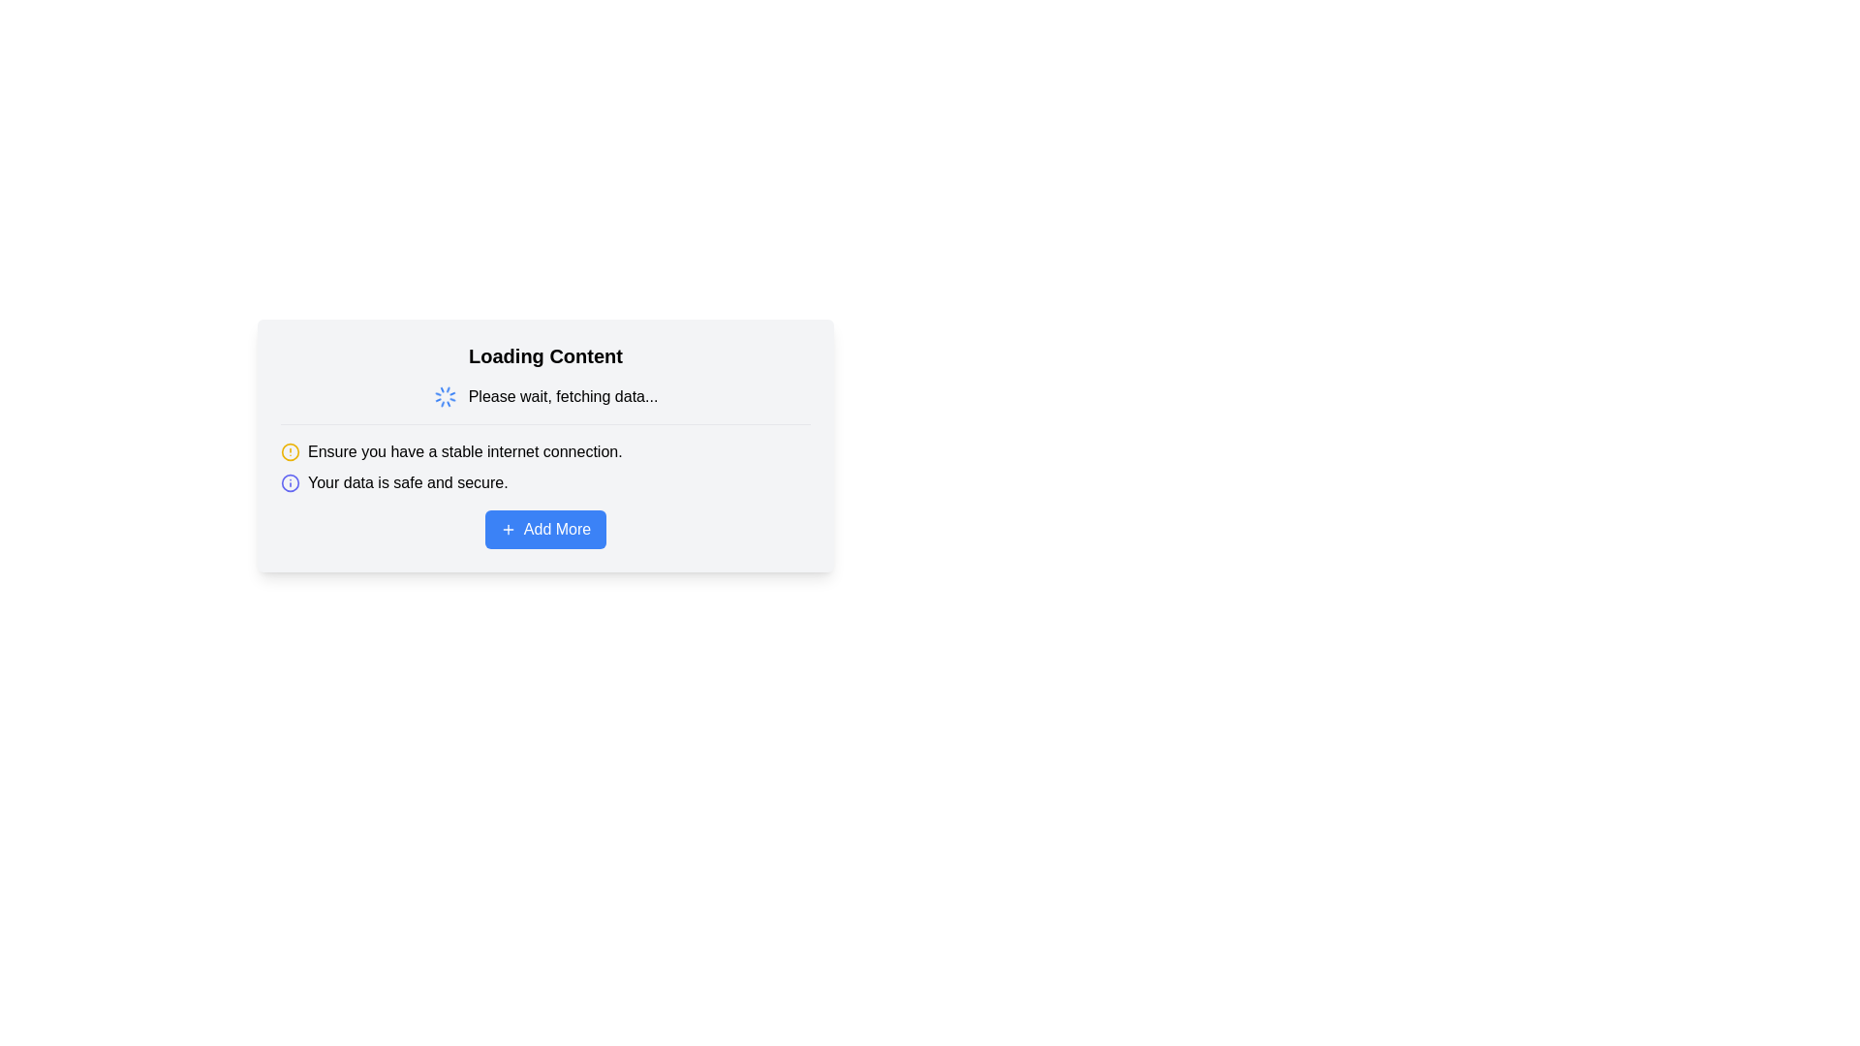 The height and width of the screenshot is (1046, 1860). What do you see at coordinates (289, 451) in the screenshot?
I see `the warning icon located to the left of the text 'Ensure you have a stable internet connection.'` at bounding box center [289, 451].